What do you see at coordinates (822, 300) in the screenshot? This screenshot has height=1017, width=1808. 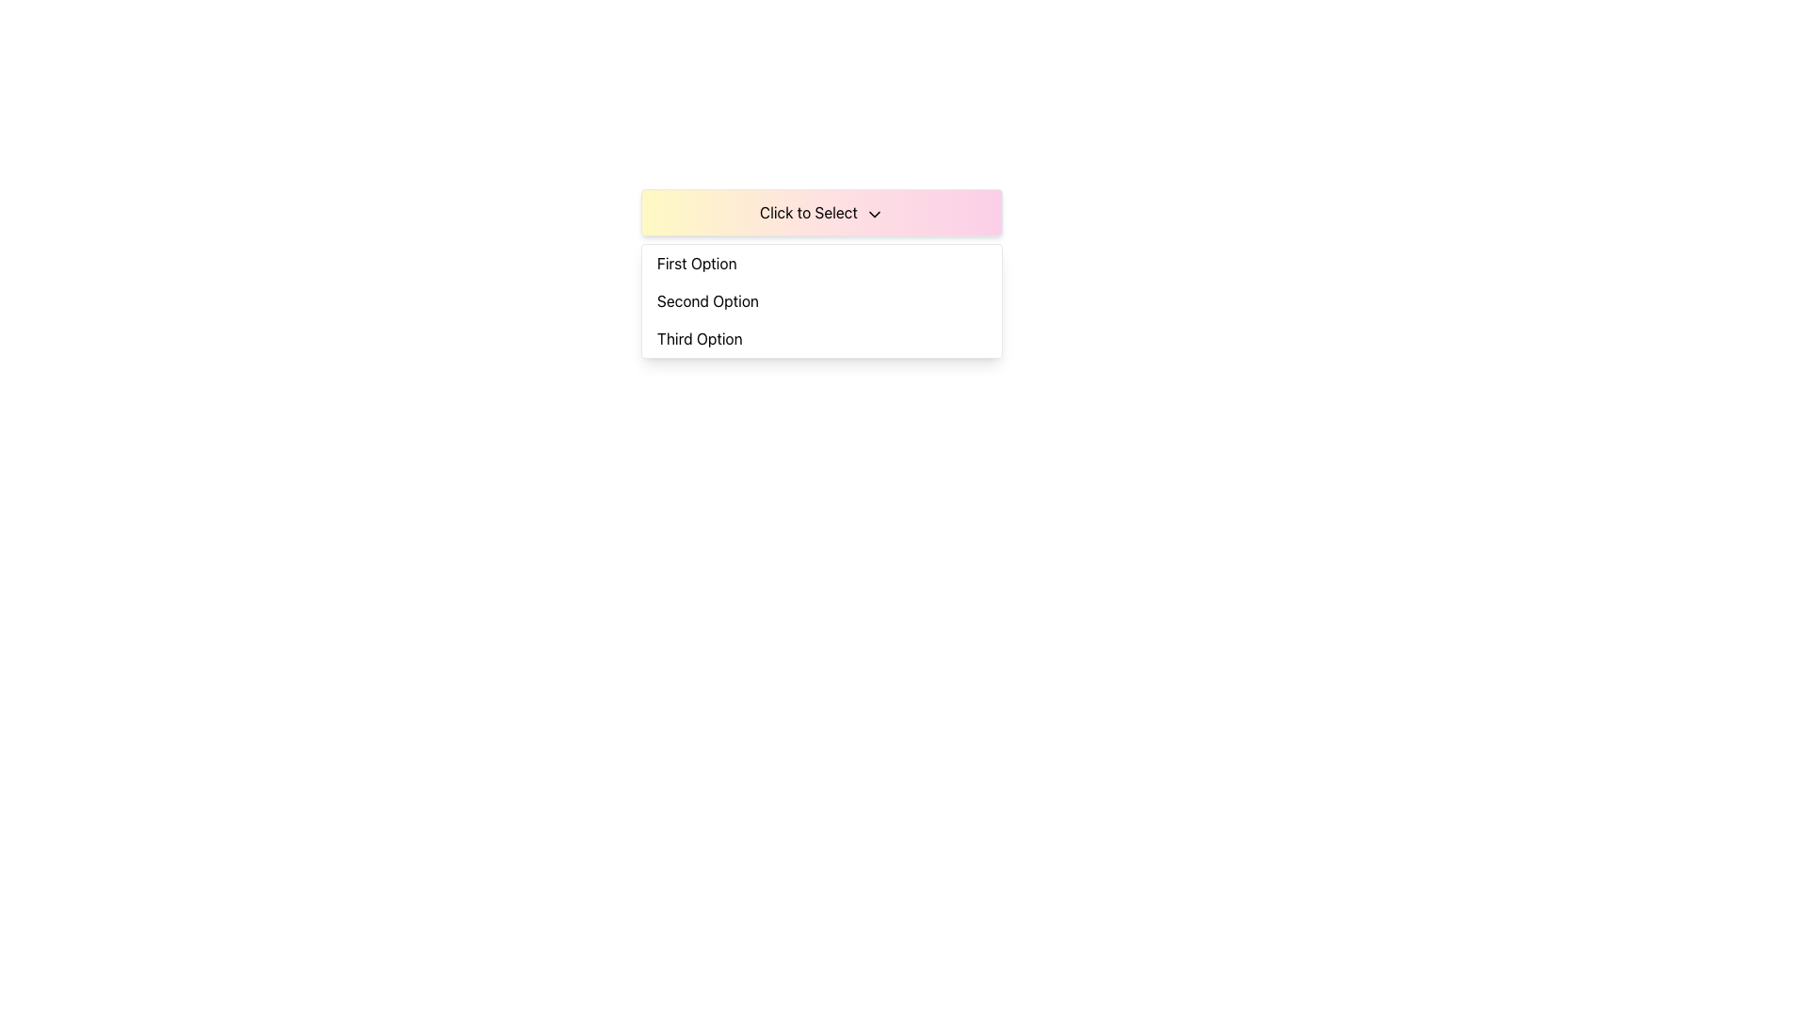 I see `on the 'Second Option' menu item, which is the second item in a vertical list of options, styled with a clear font and has a light-gray background on hover` at bounding box center [822, 300].